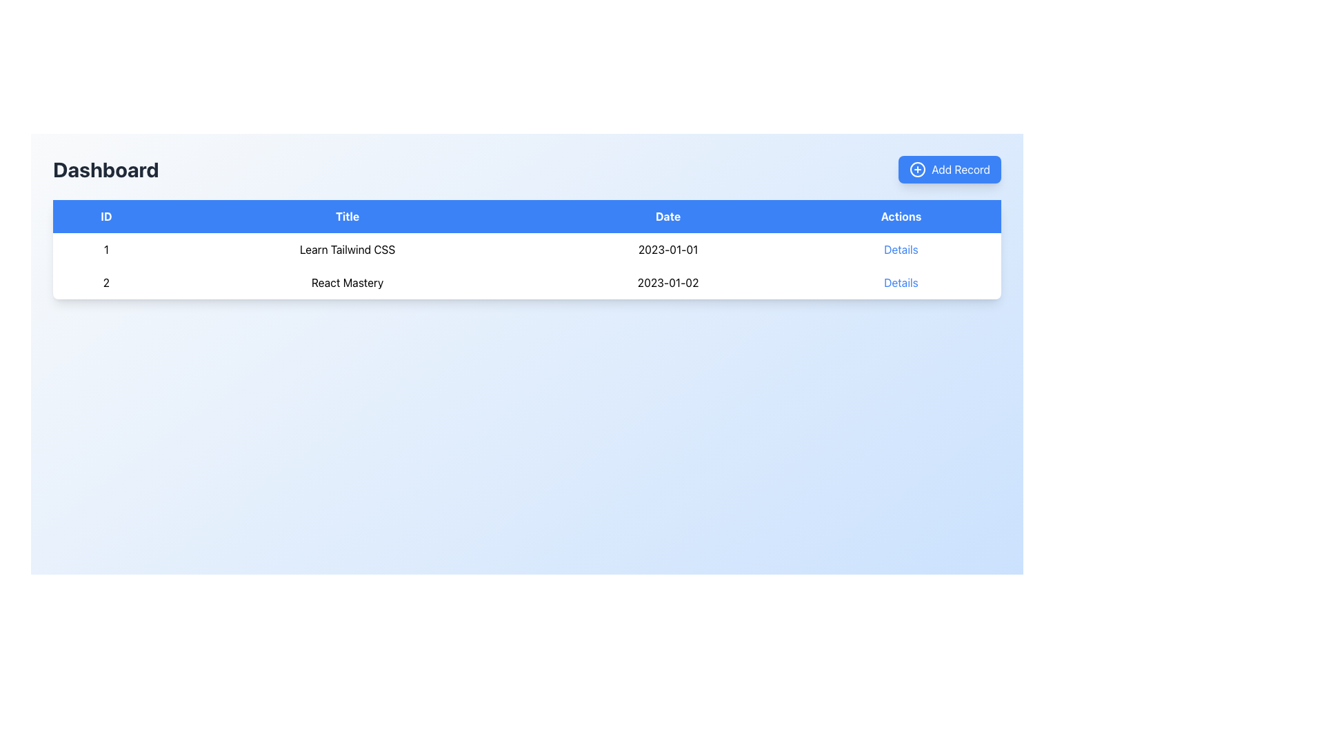 The height and width of the screenshot is (745, 1324). What do you see at coordinates (668, 281) in the screenshot?
I see `the static text label displaying the date '2023-01-02', which is located in the third column of the second row of the data table, adjacent to 'React Mastery' and 'Details'` at bounding box center [668, 281].